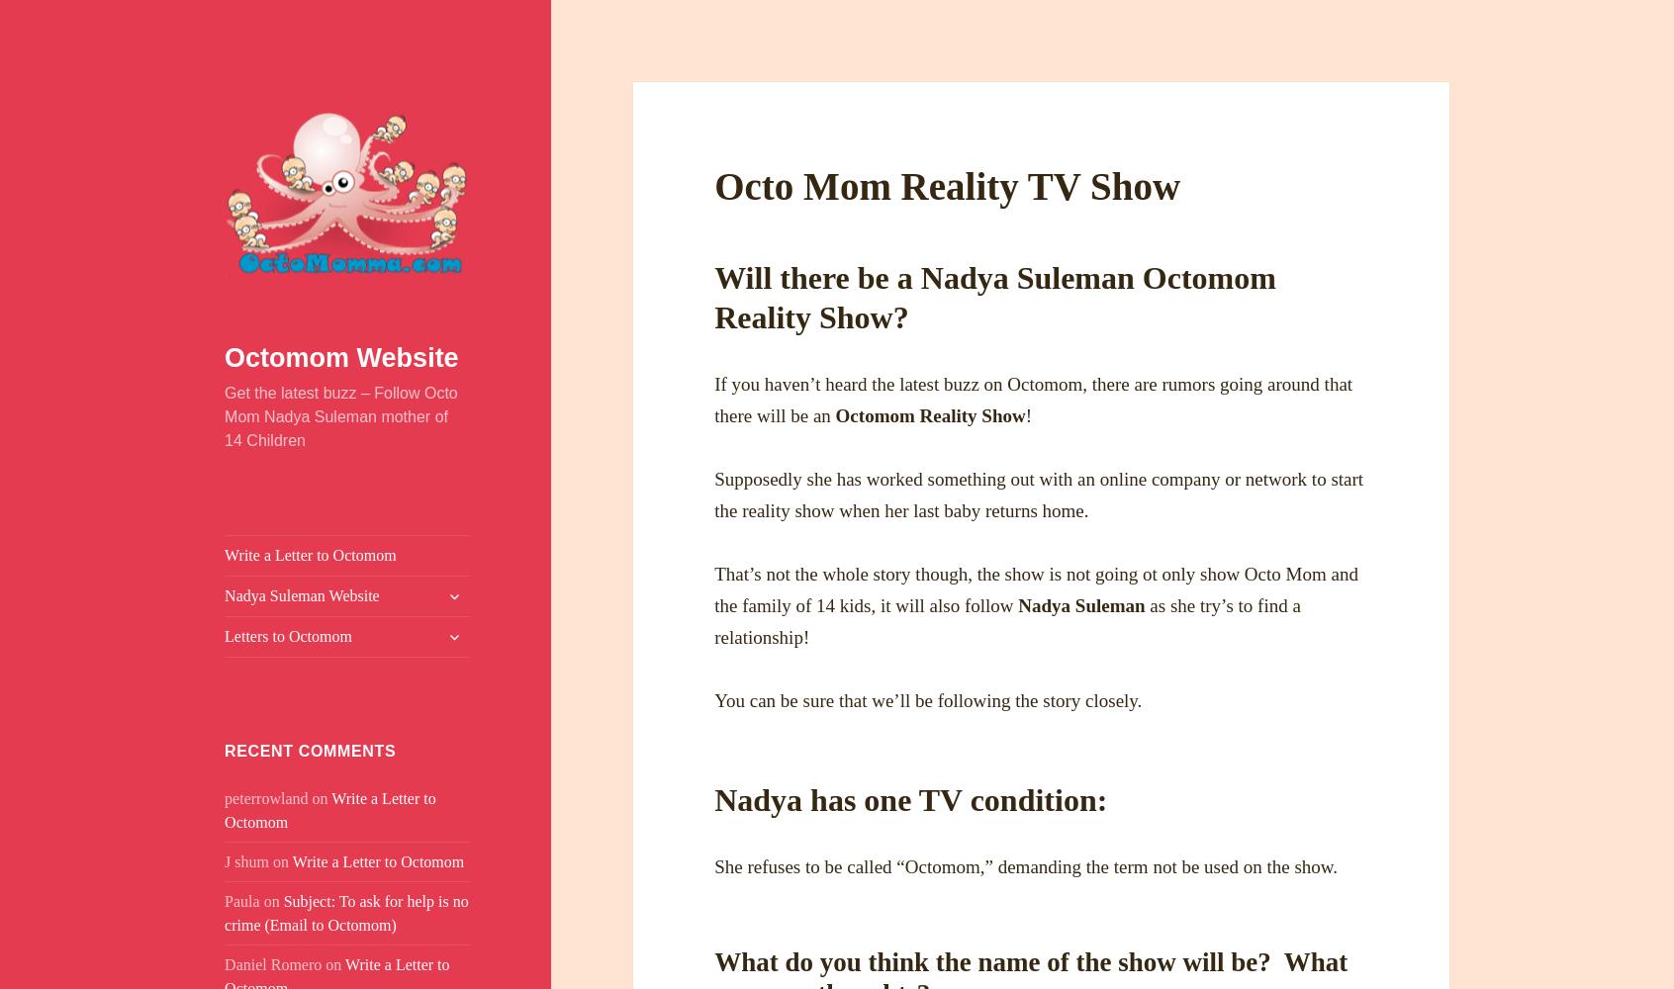  Describe the element at coordinates (266, 797) in the screenshot. I see `'peterrowland'` at that location.